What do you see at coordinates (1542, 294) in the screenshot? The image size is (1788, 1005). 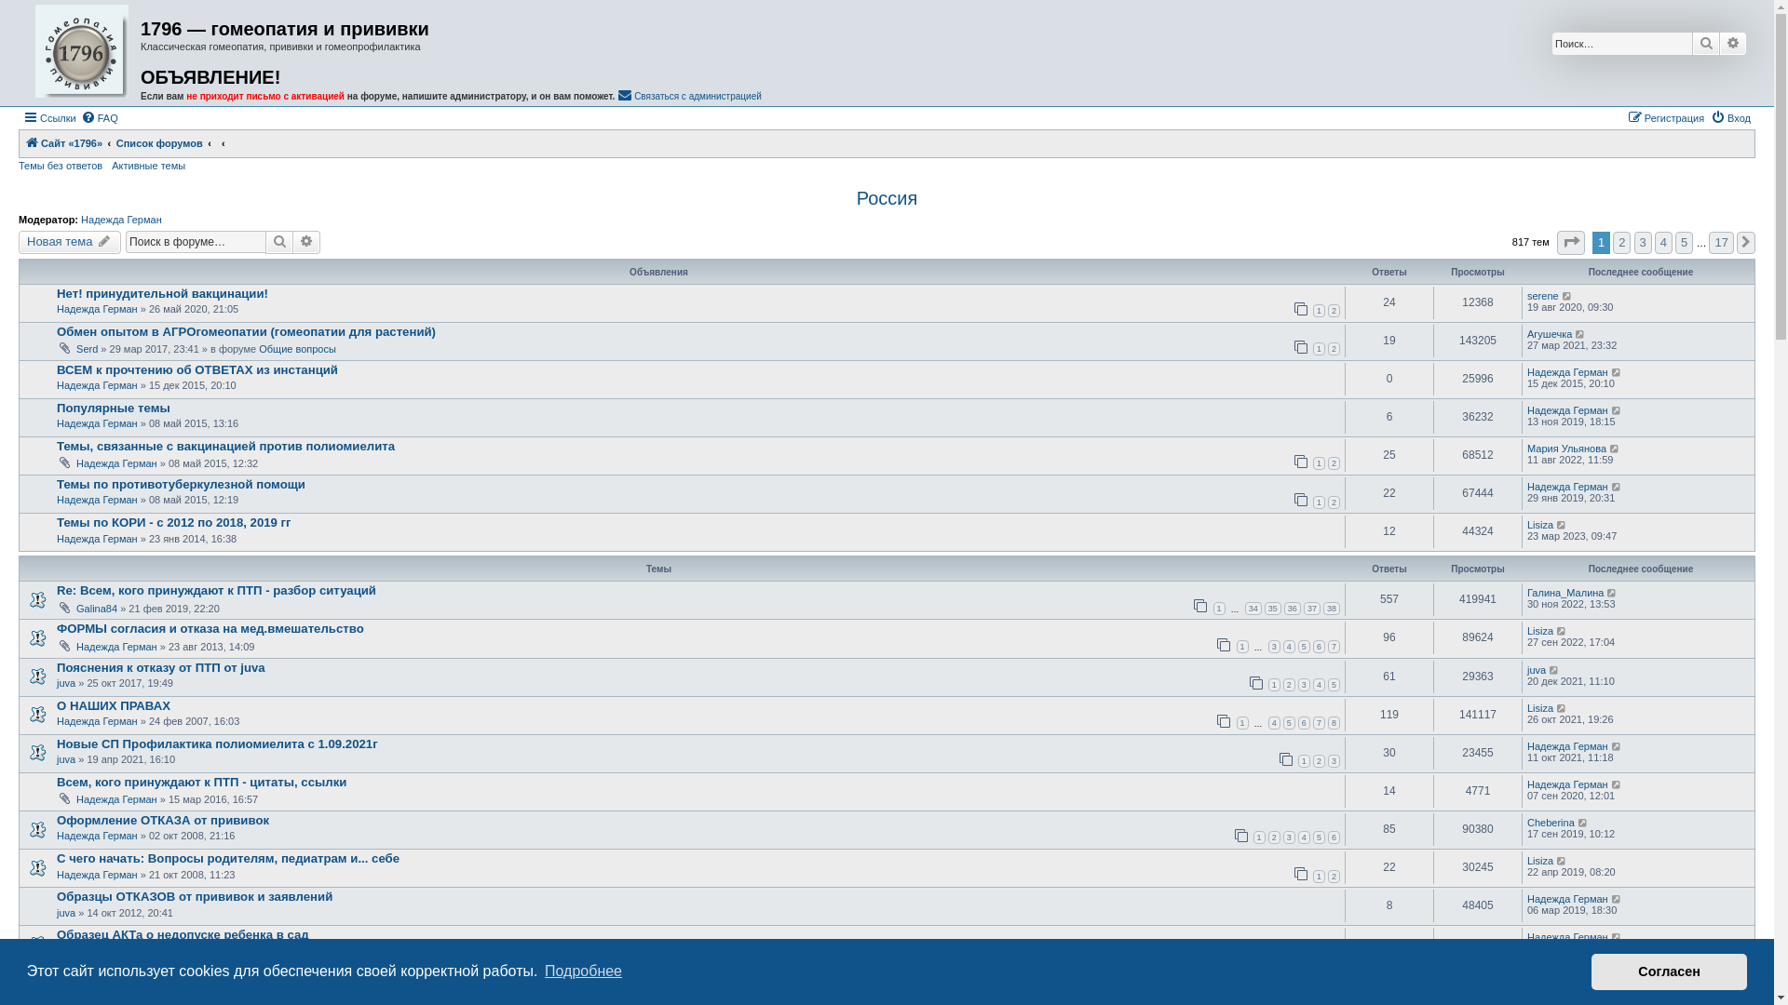 I see `'serene'` at bounding box center [1542, 294].